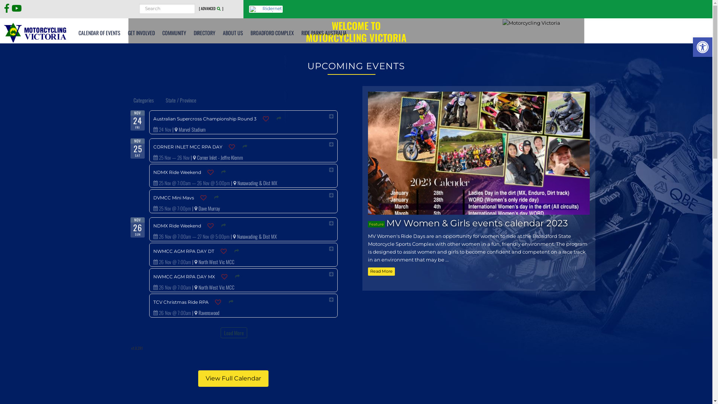 The width and height of the screenshot is (718, 404). Describe the element at coordinates (141, 32) in the screenshot. I see `'GET INVOLVED'` at that location.